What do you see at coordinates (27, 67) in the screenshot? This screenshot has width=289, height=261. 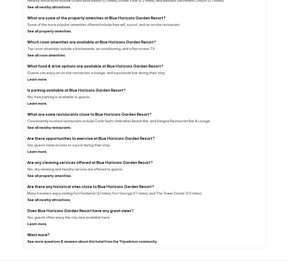 I see `'What food & drink options are available at Blue Horizons Garden Resort?'` at bounding box center [27, 67].